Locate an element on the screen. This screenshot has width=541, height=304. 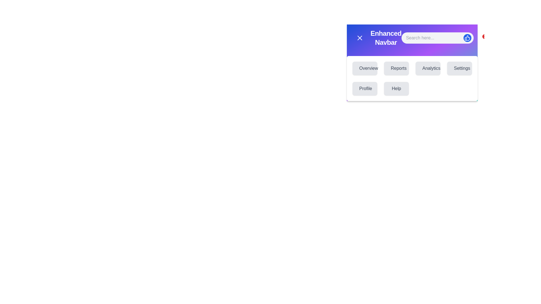
the notification bell to view notifications is located at coordinates (482, 38).